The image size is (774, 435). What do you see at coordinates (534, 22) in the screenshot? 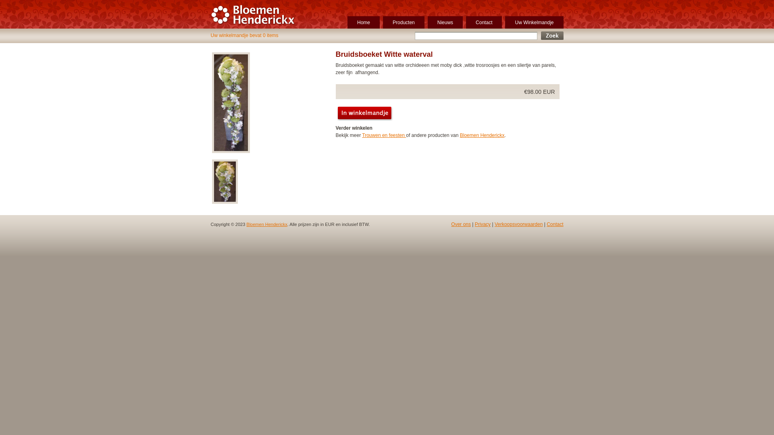
I see `'Uw Winkelmandje'` at bounding box center [534, 22].